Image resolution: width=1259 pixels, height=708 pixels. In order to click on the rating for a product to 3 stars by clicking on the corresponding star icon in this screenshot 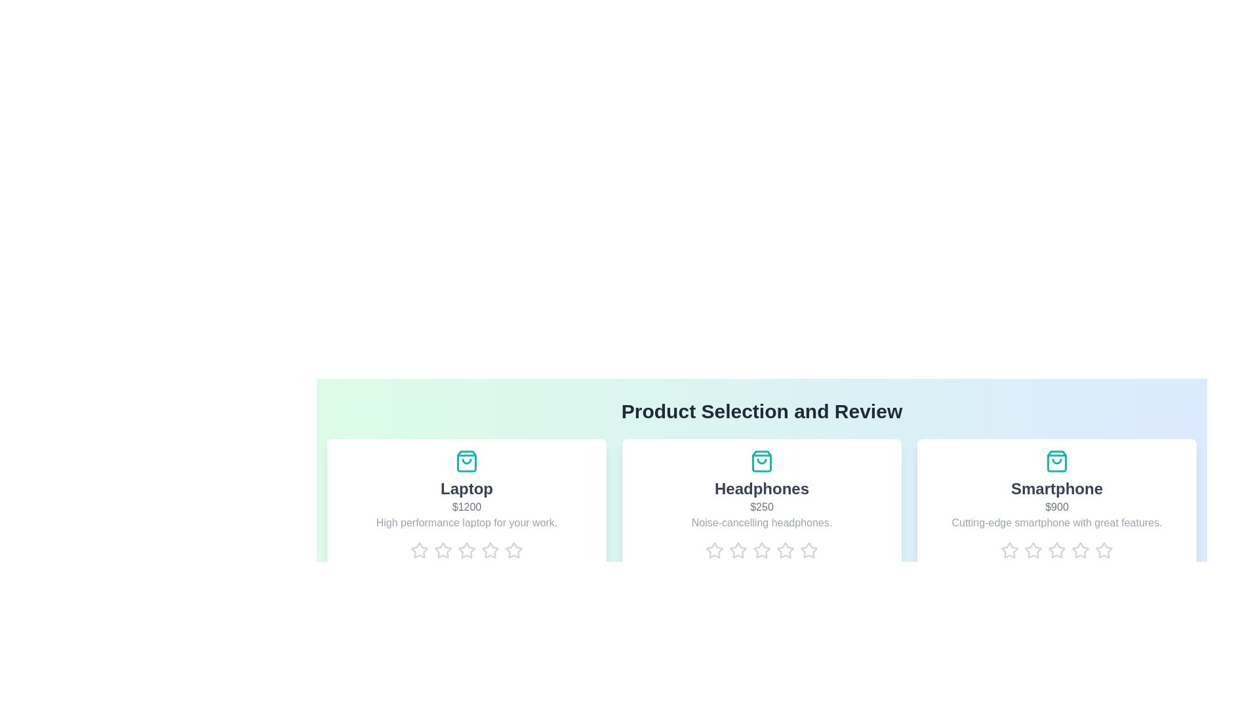, I will do `click(466, 551)`.